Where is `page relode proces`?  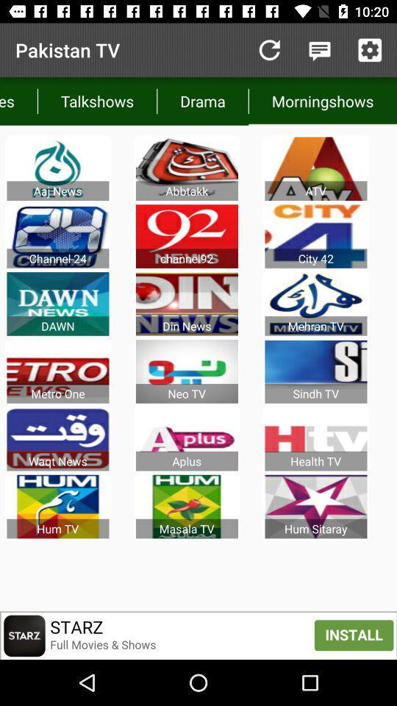
page relode proces is located at coordinates (268, 50).